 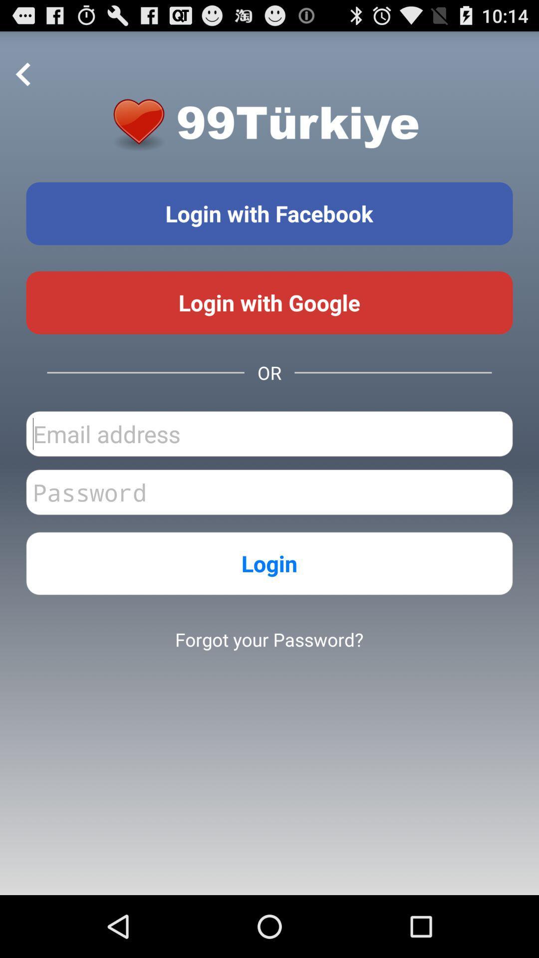 What do you see at coordinates (269, 492) in the screenshot?
I see `password input field` at bounding box center [269, 492].